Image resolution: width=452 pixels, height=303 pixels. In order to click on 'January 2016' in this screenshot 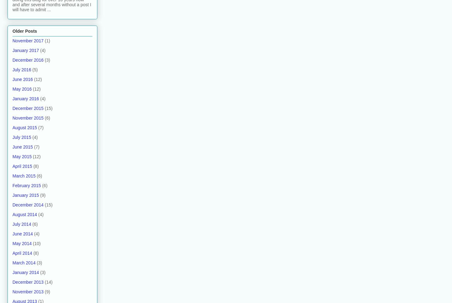, I will do `click(25, 98)`.